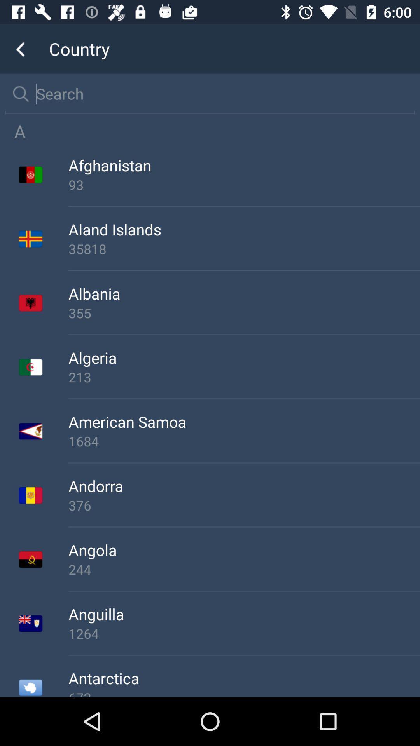 This screenshot has width=420, height=746. I want to click on the algeria app, so click(244, 357).